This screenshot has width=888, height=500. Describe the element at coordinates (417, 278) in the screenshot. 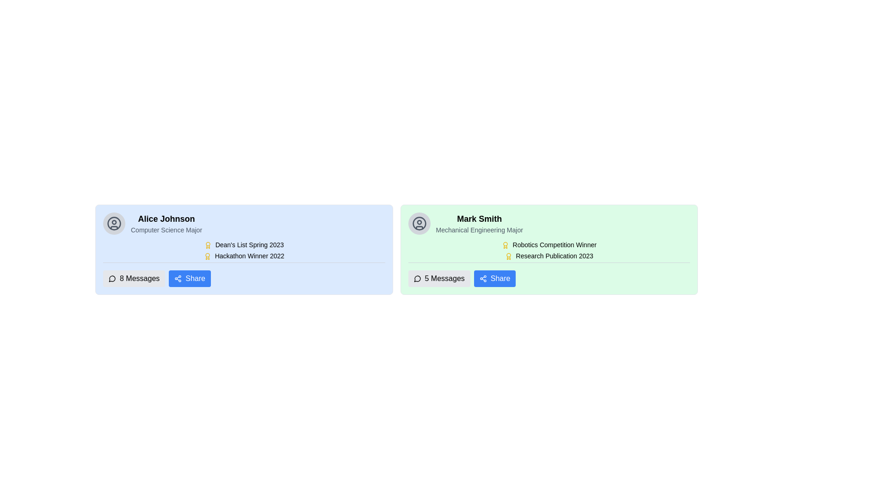

I see `the speech bubble icon indicating the messaging feature, located within the button labeled '5 Messages' next to 'Mark Smith'` at that location.